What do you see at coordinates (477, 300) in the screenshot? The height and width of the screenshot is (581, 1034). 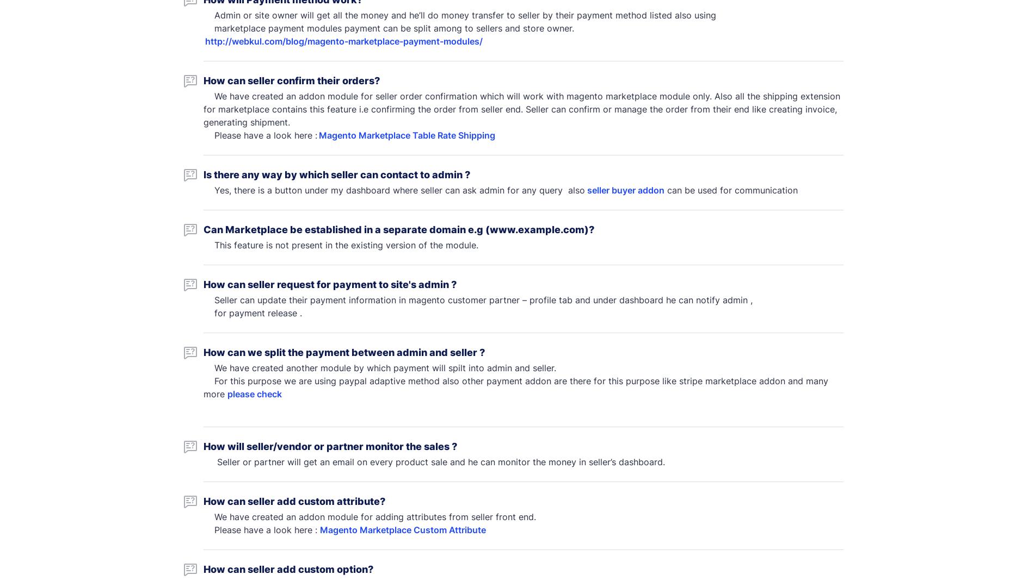 I see `'Seller can update their payment information in magento customer partner – profile tab and under dashboard he can notify admin ,'` at bounding box center [477, 300].